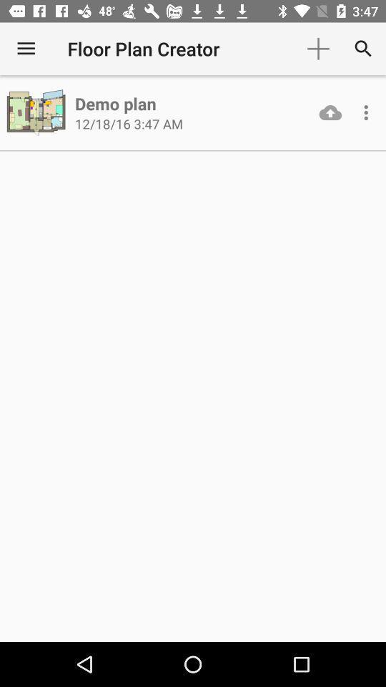  What do you see at coordinates (129, 123) in the screenshot?
I see `the 12 18 16` at bounding box center [129, 123].